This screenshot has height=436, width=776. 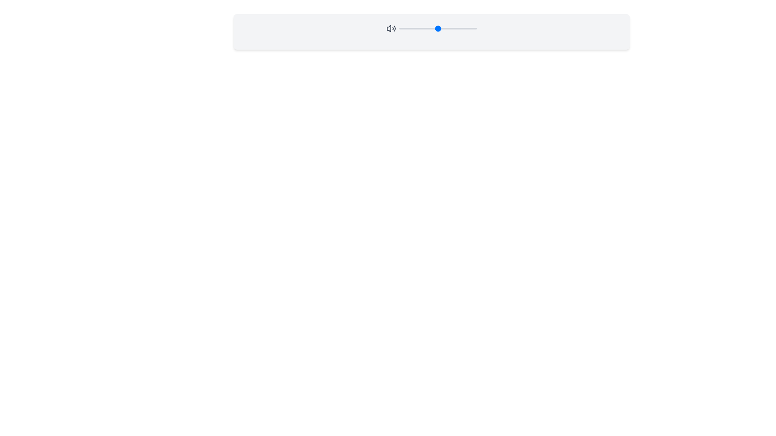 I want to click on volume level, so click(x=471, y=28).